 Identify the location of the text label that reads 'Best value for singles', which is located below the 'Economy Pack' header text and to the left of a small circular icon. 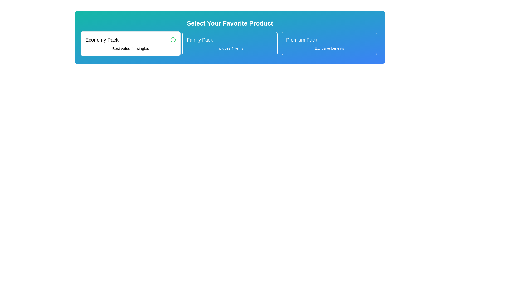
(130, 48).